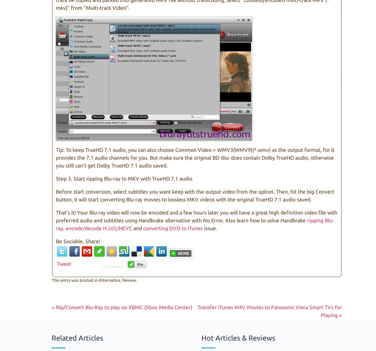 This screenshot has height=351, width=376. Describe the element at coordinates (109, 264) in the screenshot. I see `'Share'` at that location.